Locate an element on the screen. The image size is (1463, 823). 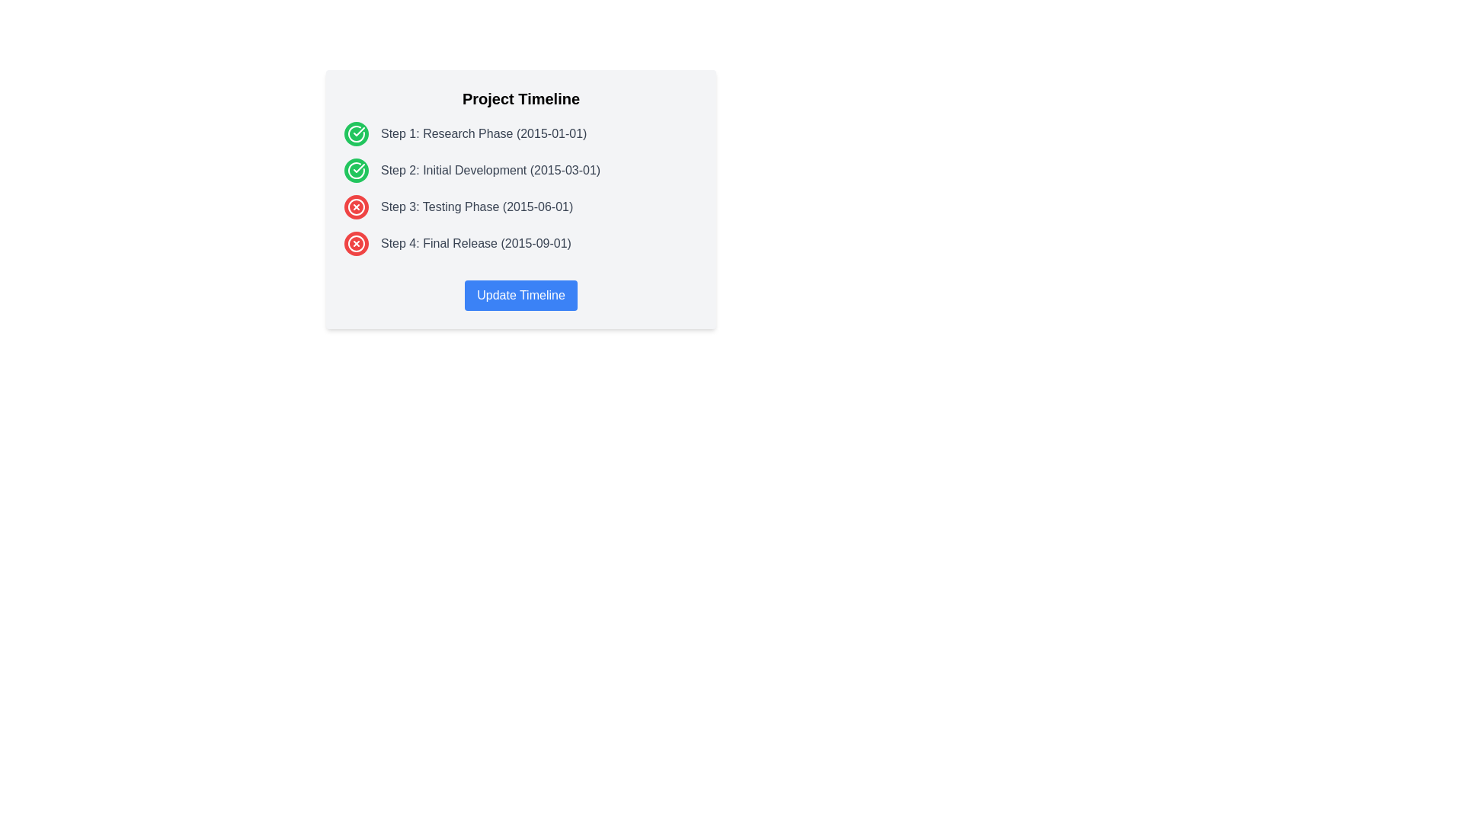
the status indicator icon element is located at coordinates (355, 133).